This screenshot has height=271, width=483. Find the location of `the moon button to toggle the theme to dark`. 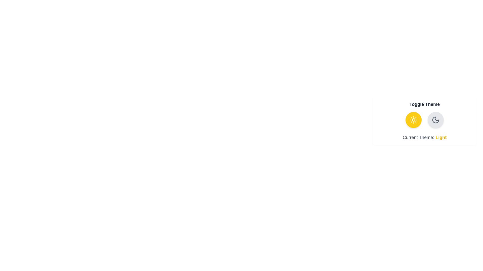

the moon button to toggle the theme to dark is located at coordinates (435, 120).